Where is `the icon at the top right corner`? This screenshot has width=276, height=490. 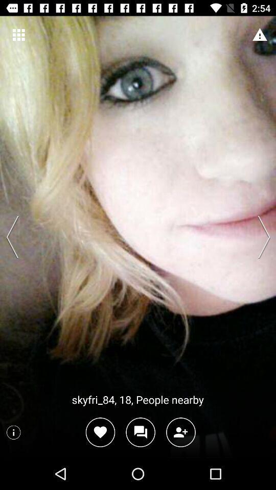
the icon at the top right corner is located at coordinates (260, 35).